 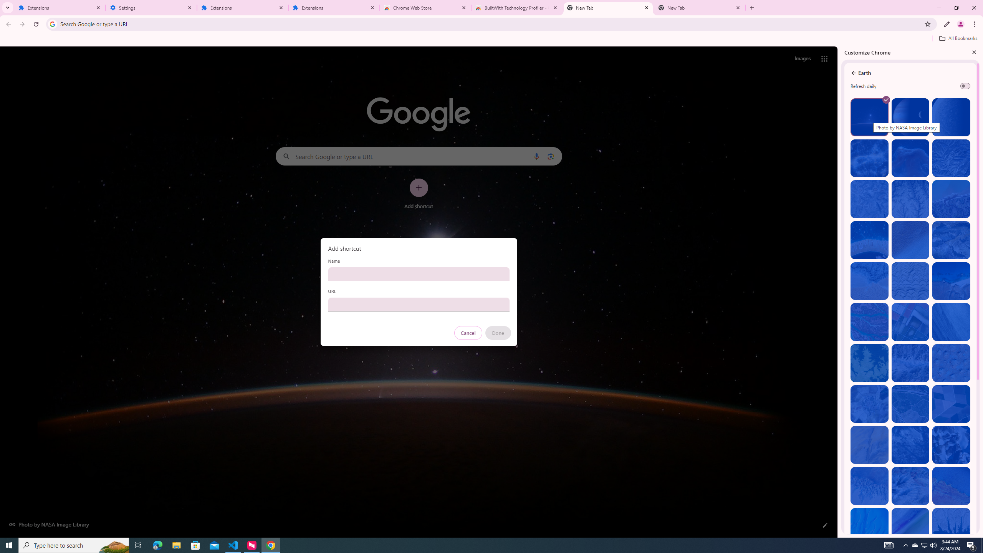 I want to click on 'Refresh daily', so click(x=965, y=85).